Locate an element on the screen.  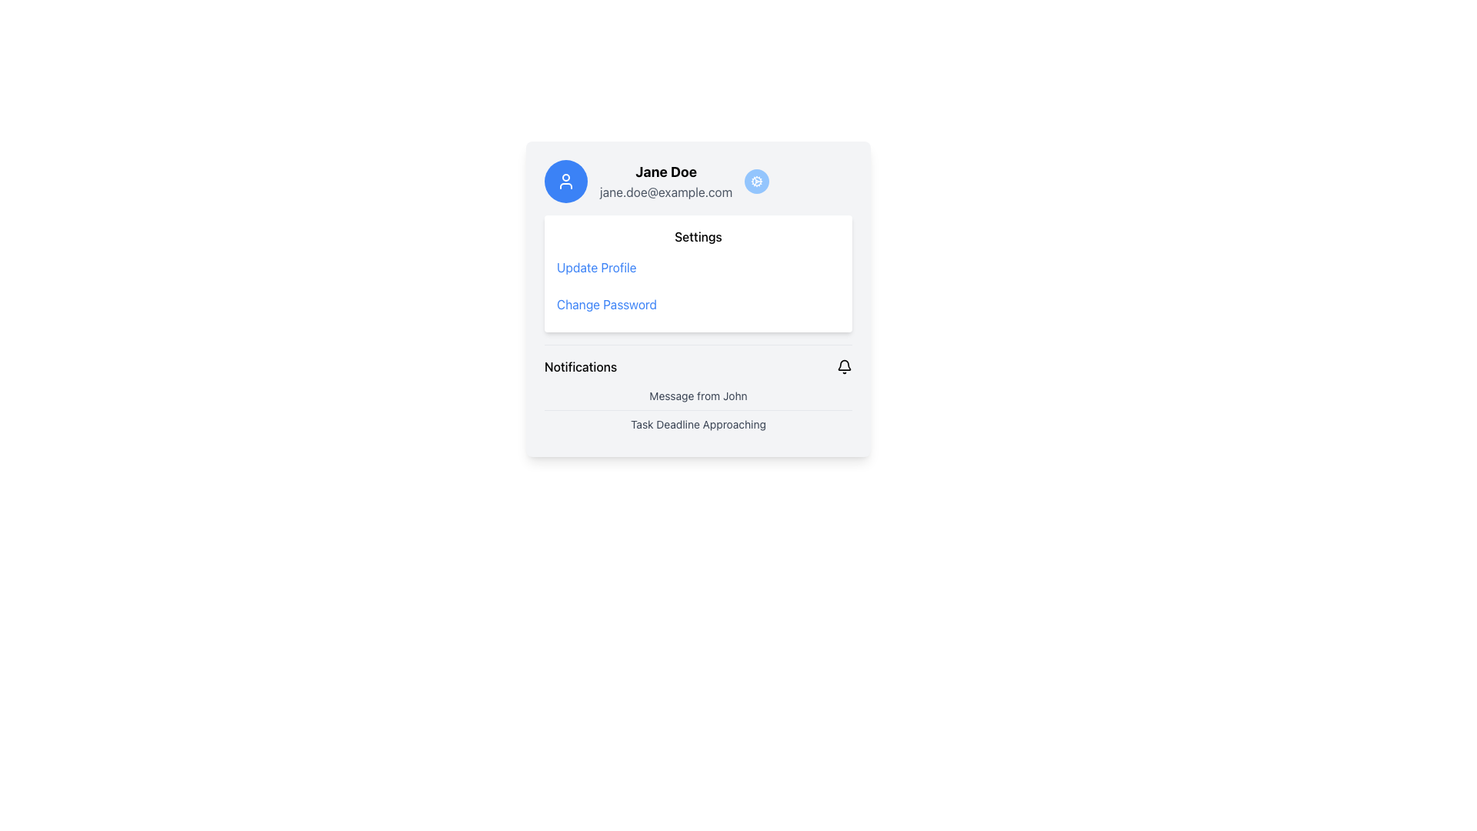
the gear icon located near the top-right corner of the profile information section is located at coordinates (756, 180).